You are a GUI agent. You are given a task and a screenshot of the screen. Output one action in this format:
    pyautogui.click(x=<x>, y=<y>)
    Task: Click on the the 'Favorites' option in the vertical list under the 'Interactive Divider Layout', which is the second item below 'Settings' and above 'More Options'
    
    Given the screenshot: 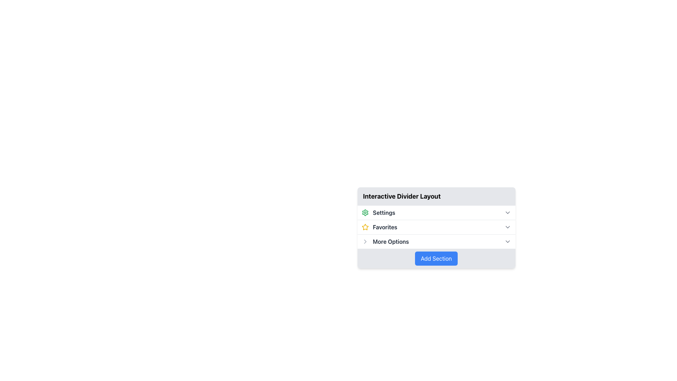 What is the action you would take?
    pyautogui.click(x=379, y=227)
    